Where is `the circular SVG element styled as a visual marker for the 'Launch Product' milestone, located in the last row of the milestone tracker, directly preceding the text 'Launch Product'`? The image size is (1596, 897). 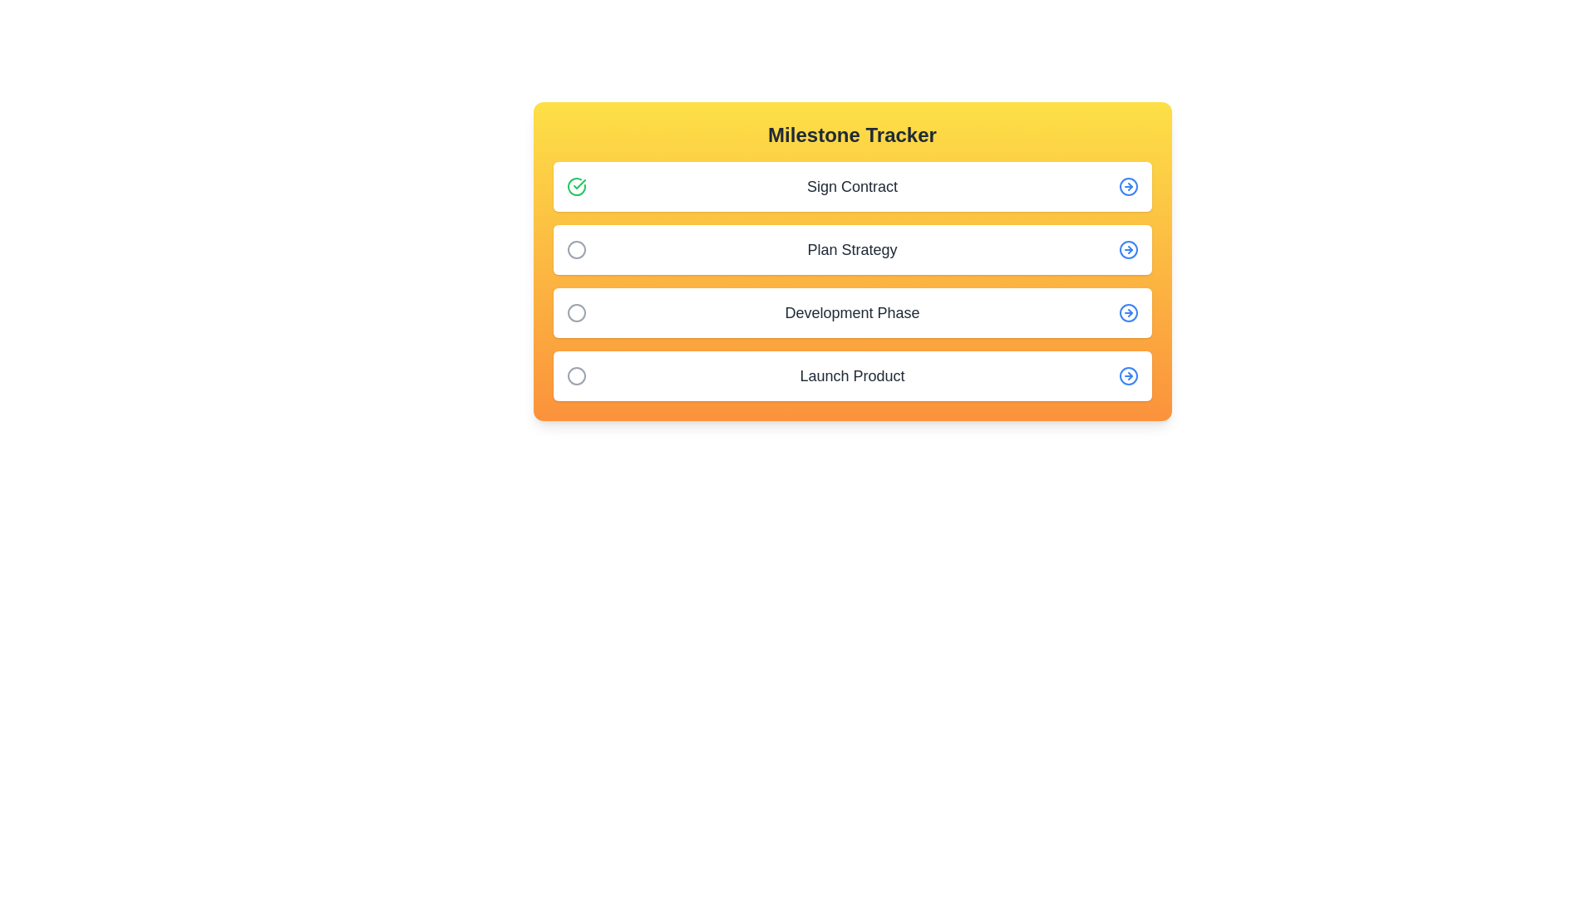 the circular SVG element styled as a visual marker for the 'Launch Product' milestone, located in the last row of the milestone tracker, directly preceding the text 'Launch Product' is located at coordinates (576, 375).